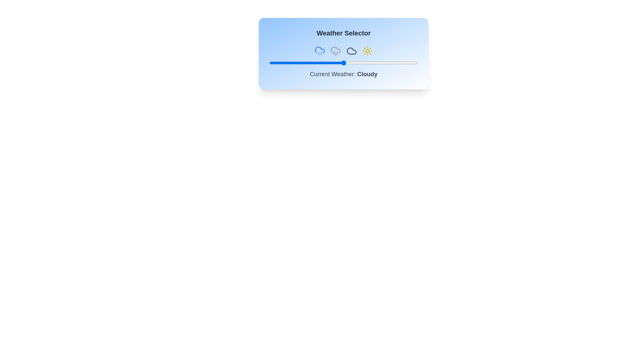 Image resolution: width=637 pixels, height=358 pixels. Describe the element at coordinates (370, 63) in the screenshot. I see `the slider to set the weather value to 68` at that location.